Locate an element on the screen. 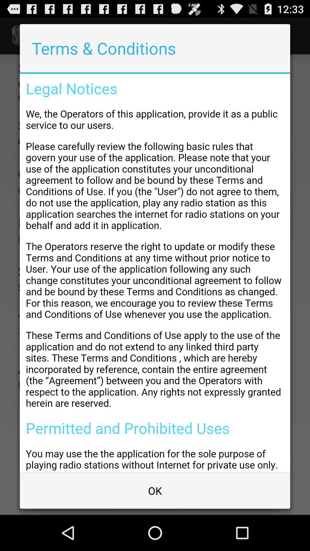 The width and height of the screenshot is (310, 551). terms of service is located at coordinates (155, 273).